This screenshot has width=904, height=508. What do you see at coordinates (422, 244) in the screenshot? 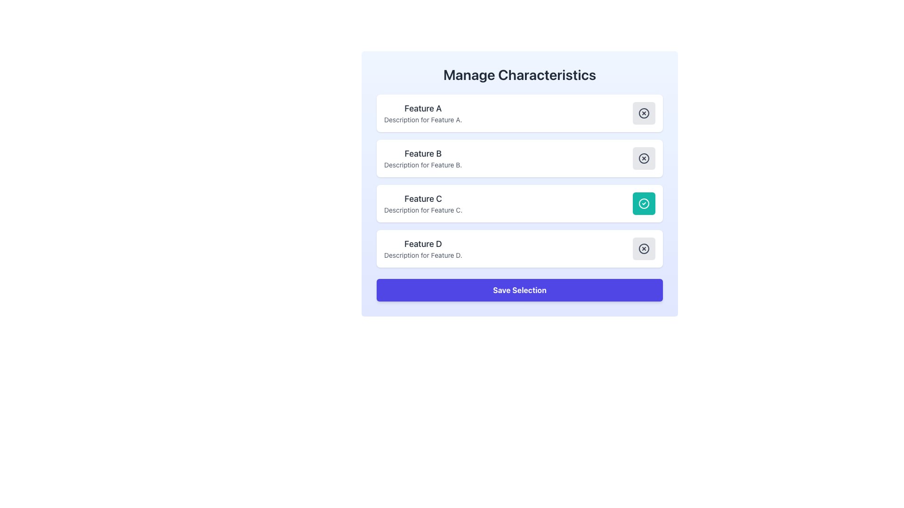
I see `the heading text labeled 'Feature D' located at the top of the fourth feature block` at bounding box center [422, 244].